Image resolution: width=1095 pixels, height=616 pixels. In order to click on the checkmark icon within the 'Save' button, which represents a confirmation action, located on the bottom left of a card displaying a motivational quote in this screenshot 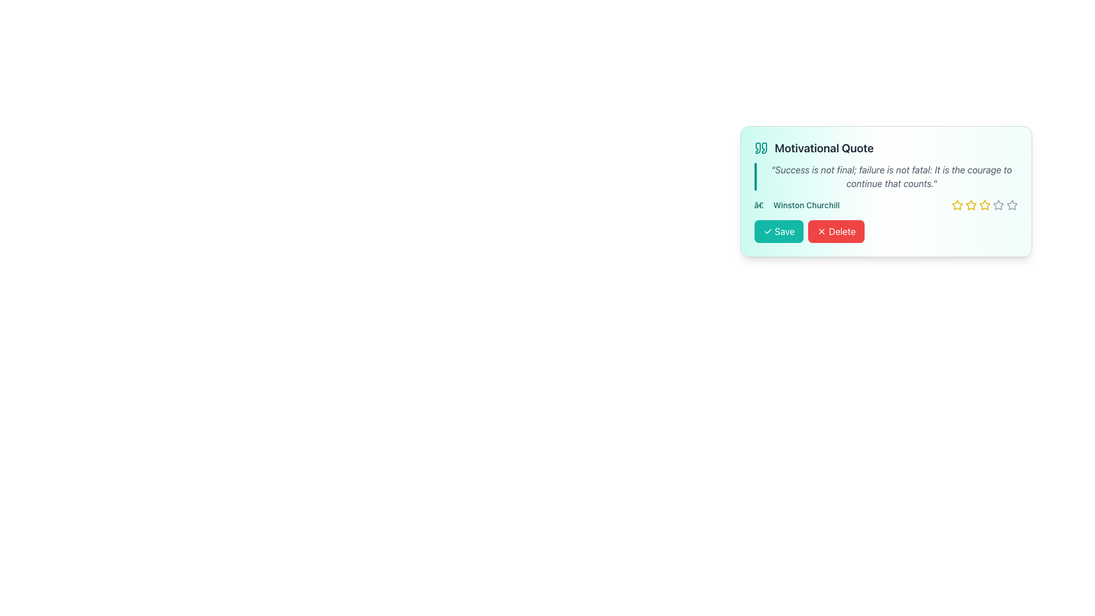, I will do `click(768, 231)`.